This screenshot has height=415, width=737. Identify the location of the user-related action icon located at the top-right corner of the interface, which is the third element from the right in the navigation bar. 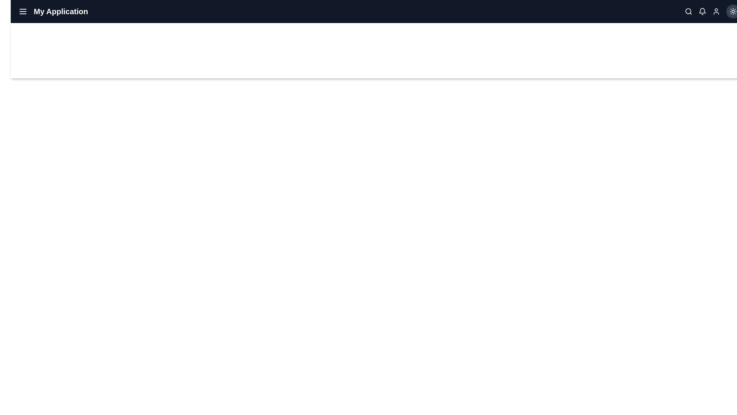
(716, 12).